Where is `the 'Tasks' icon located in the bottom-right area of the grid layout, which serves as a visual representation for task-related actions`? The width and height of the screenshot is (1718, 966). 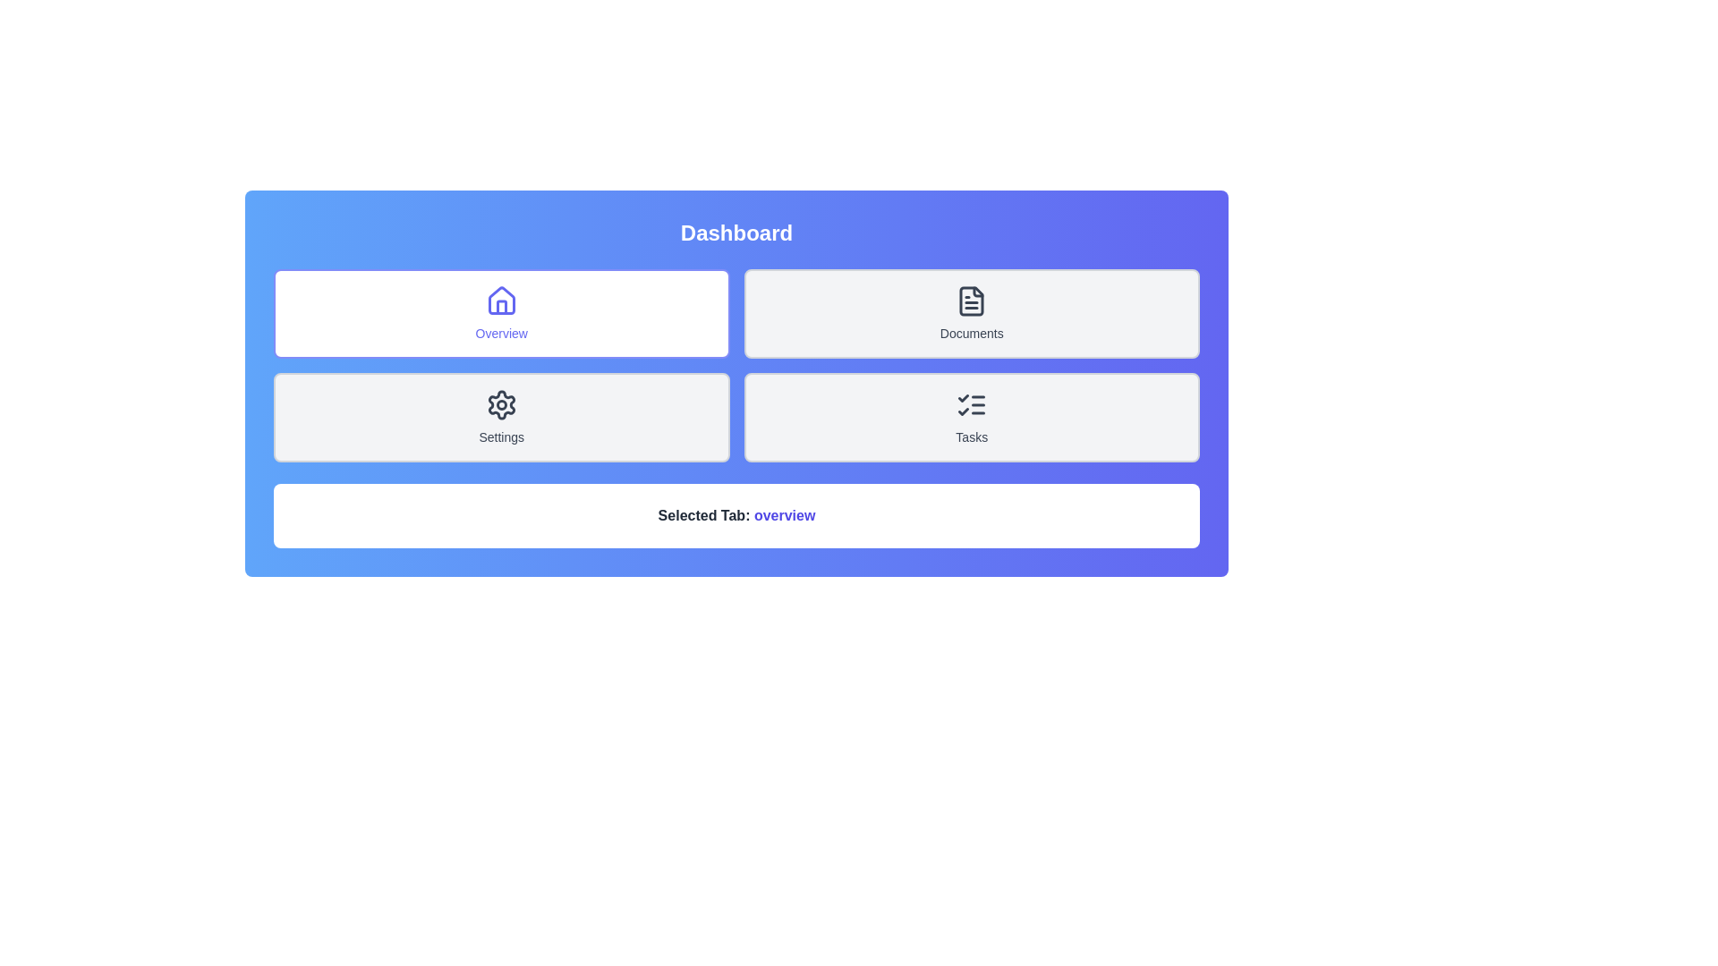
the 'Tasks' icon located in the bottom-right area of the grid layout, which serves as a visual representation for task-related actions is located at coordinates (971, 404).